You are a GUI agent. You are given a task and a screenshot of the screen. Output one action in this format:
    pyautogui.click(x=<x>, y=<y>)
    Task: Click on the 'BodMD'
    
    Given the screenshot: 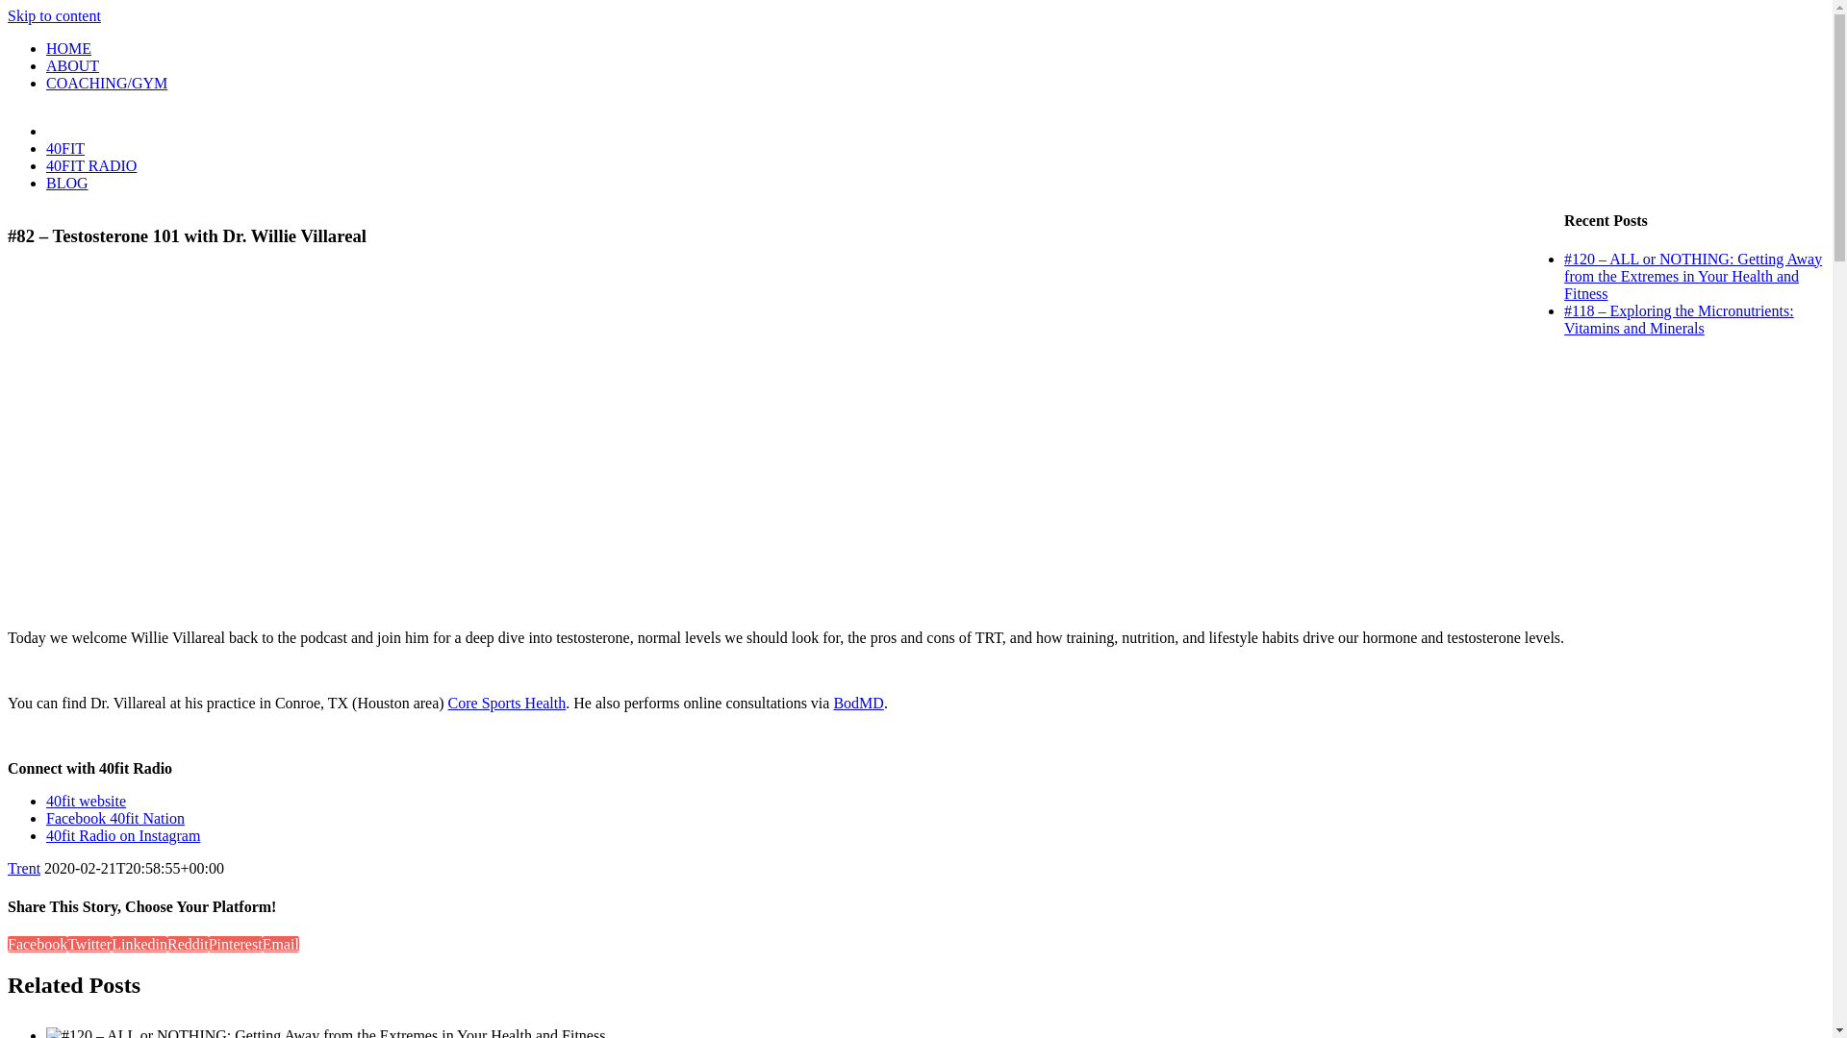 What is the action you would take?
    pyautogui.click(x=857, y=703)
    